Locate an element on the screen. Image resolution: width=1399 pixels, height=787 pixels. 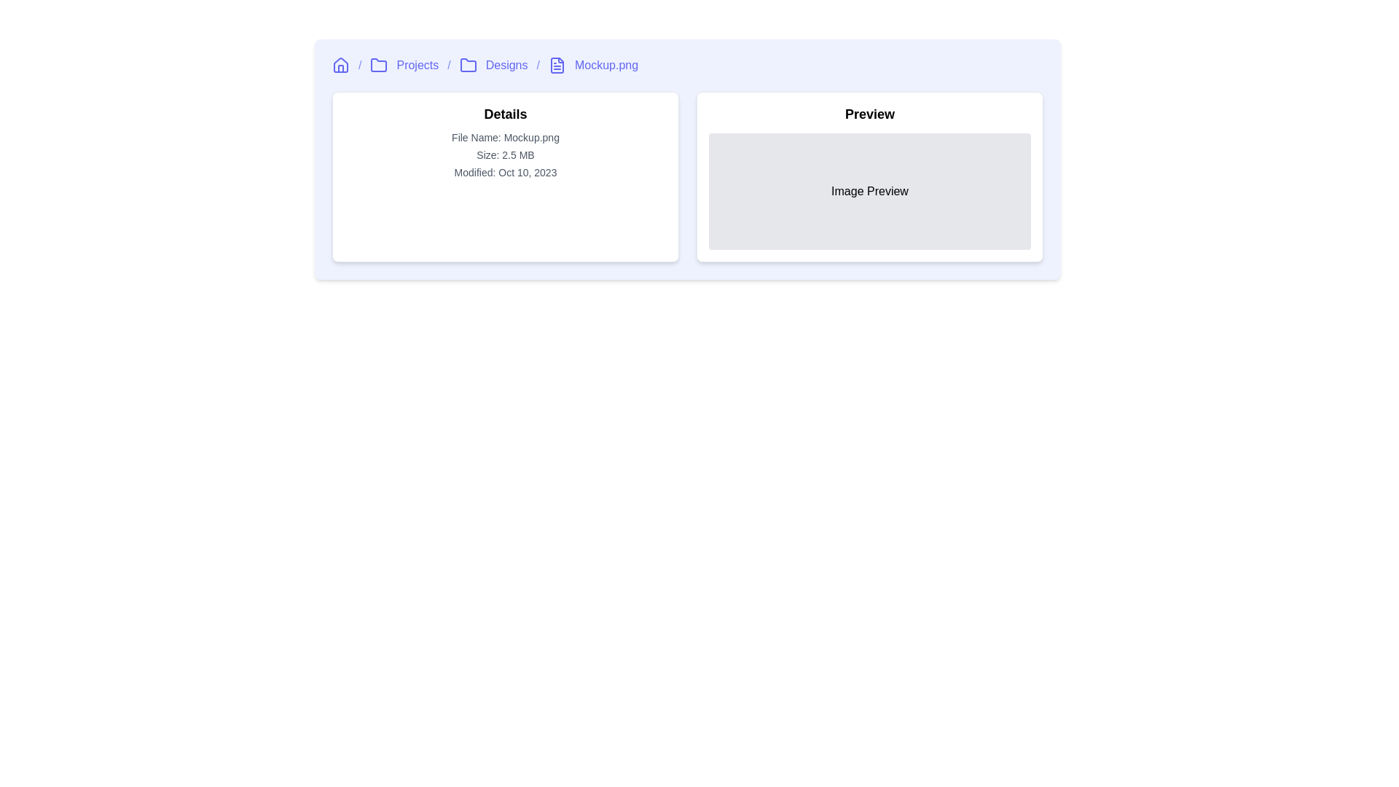
the 'Home' icon located in the breadcrumb navigation bar at the top-left corner is located at coordinates (340, 63).